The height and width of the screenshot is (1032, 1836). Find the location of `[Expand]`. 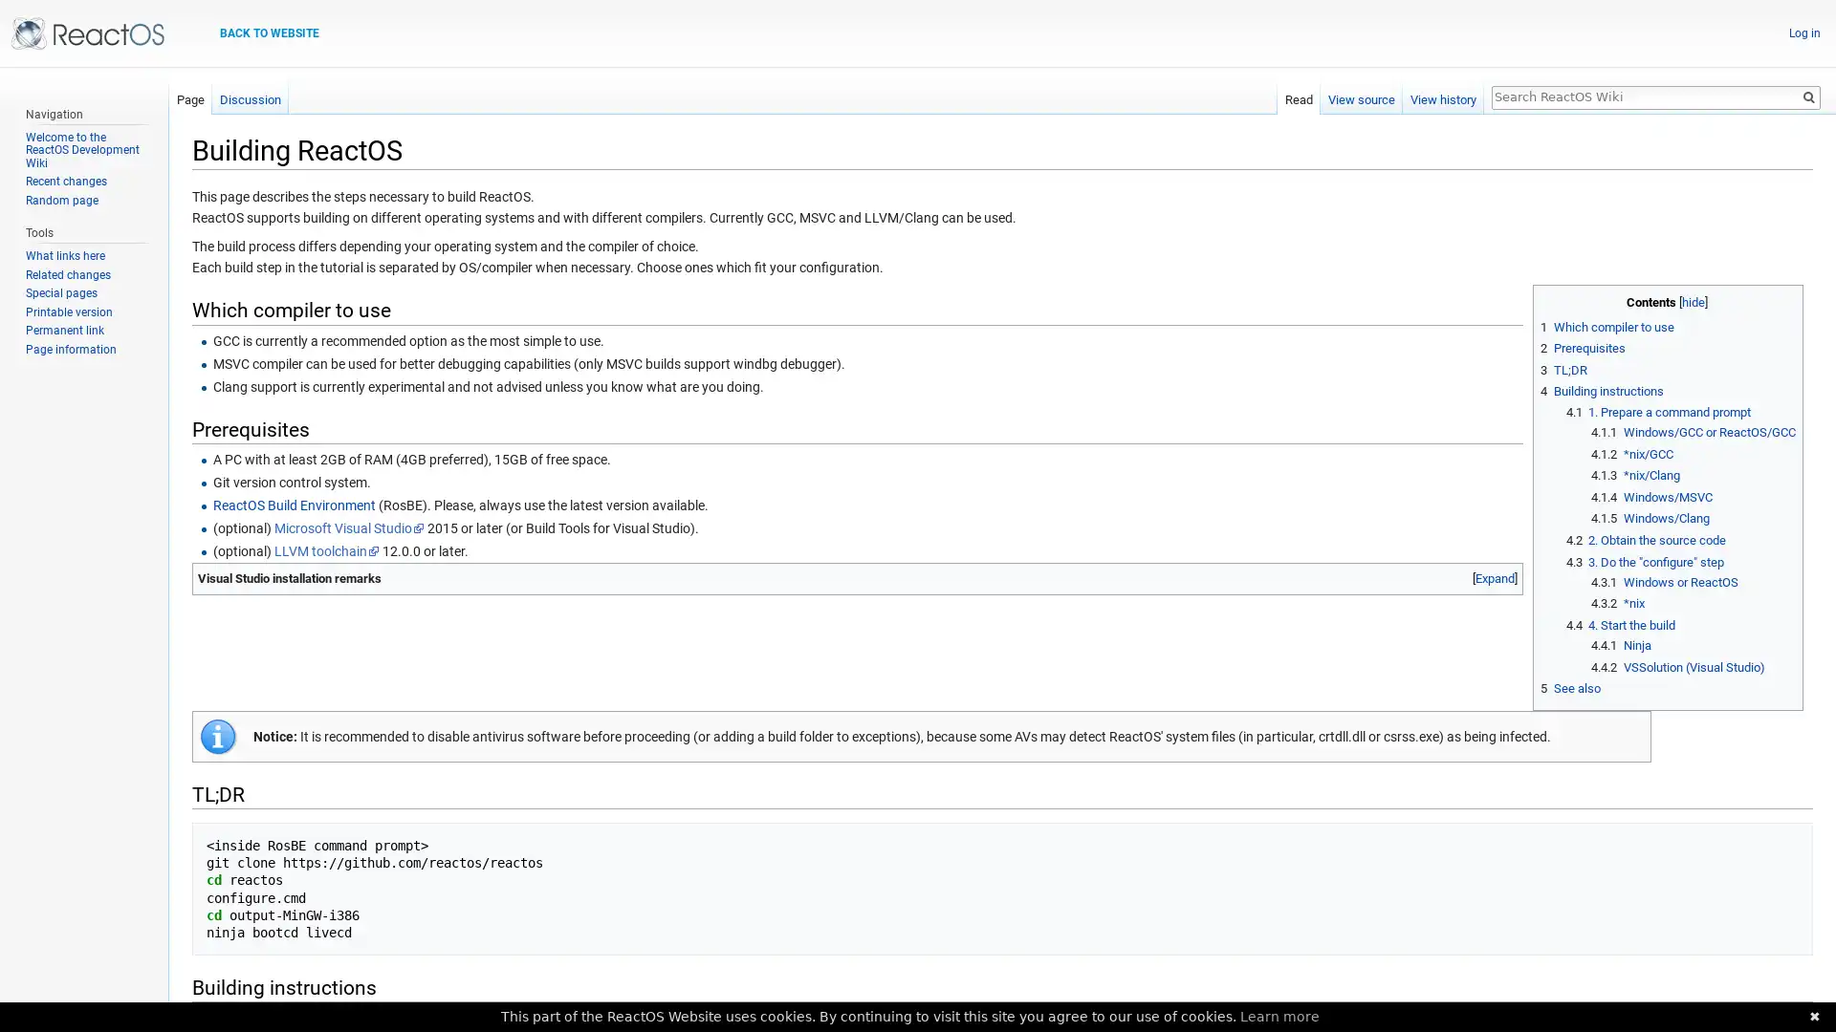

[Expand] is located at coordinates (1494, 577).